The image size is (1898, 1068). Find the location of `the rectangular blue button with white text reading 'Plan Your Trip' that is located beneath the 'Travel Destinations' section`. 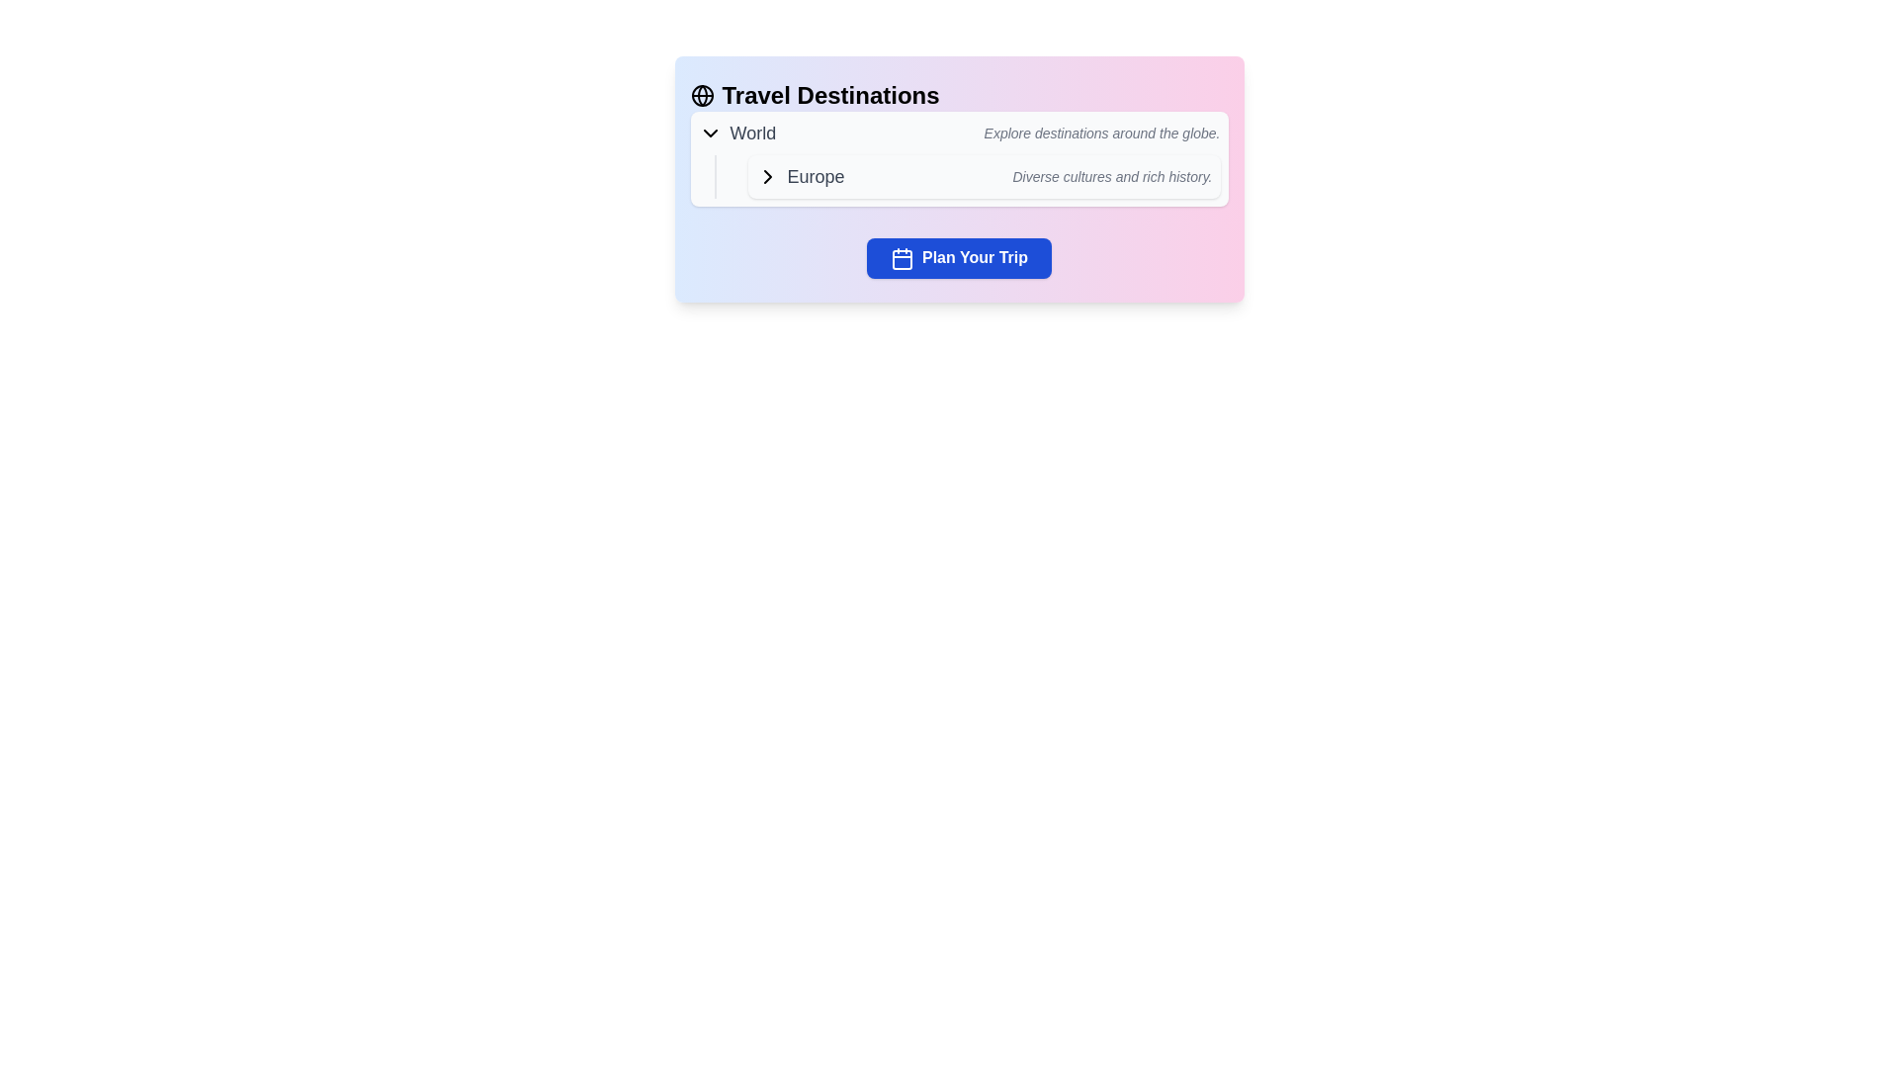

the rectangular blue button with white text reading 'Plan Your Trip' that is located beneath the 'Travel Destinations' section is located at coordinates (959, 257).